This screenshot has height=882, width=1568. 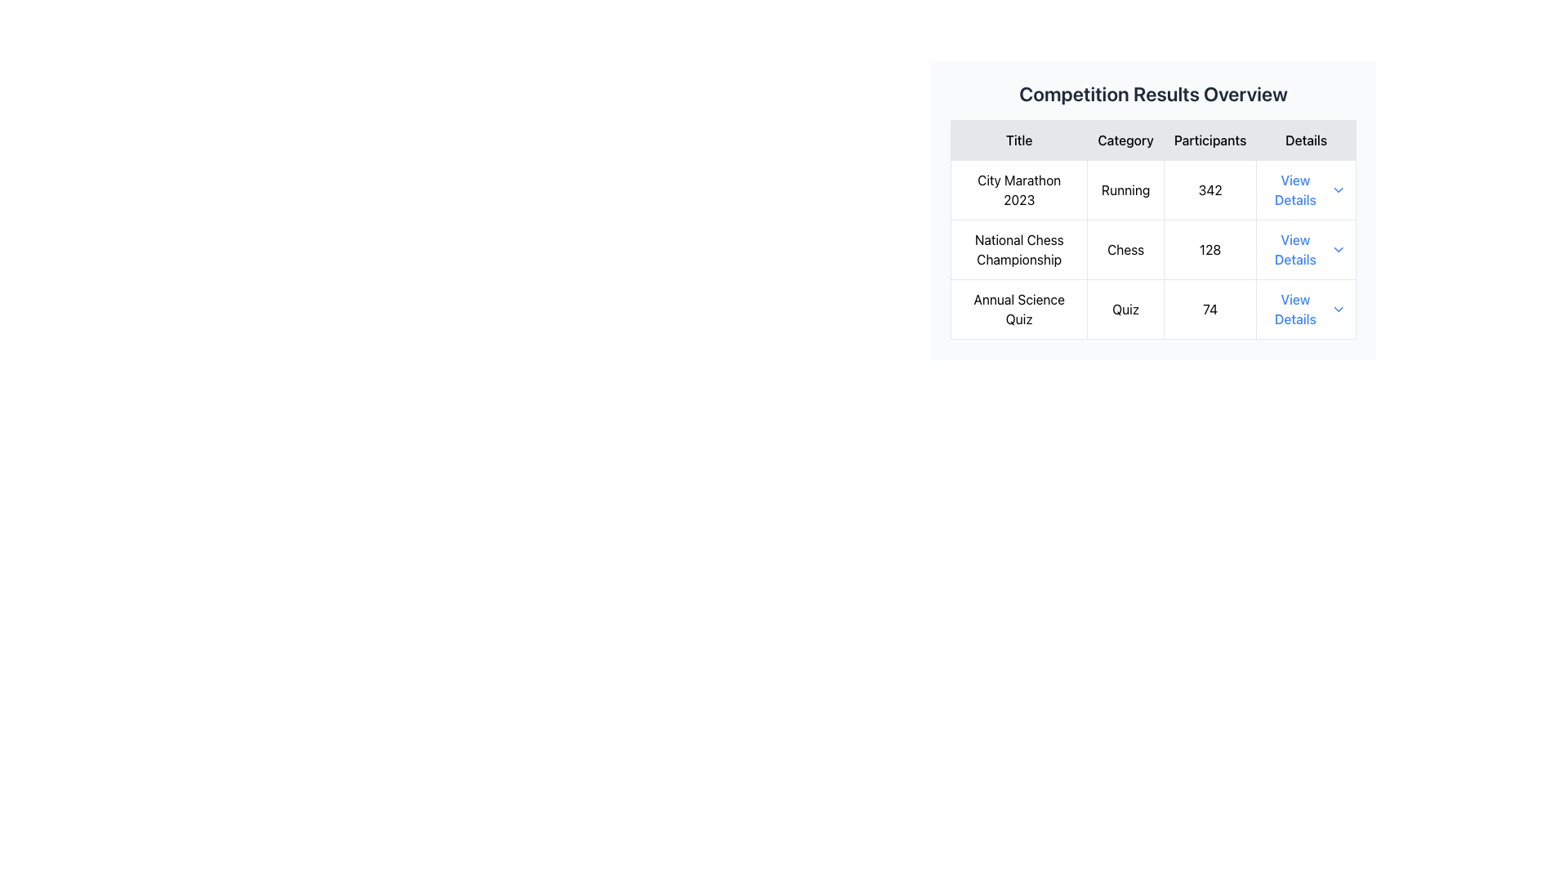 I want to click on the chevron icon in the 'Details' column of the third row corresponding to the 'Annual Science Quiz' entry, so click(x=1338, y=309).